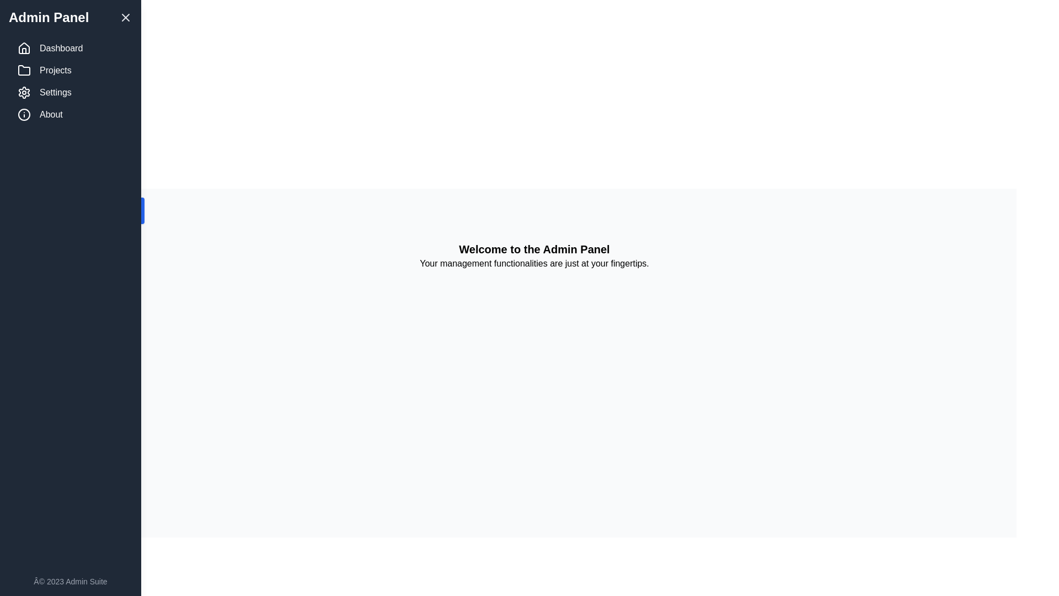 The image size is (1059, 596). What do you see at coordinates (534, 249) in the screenshot?
I see `text element displaying 'Welcome to the Admin Panel', which is a prominent title centered above additional text on a light background` at bounding box center [534, 249].